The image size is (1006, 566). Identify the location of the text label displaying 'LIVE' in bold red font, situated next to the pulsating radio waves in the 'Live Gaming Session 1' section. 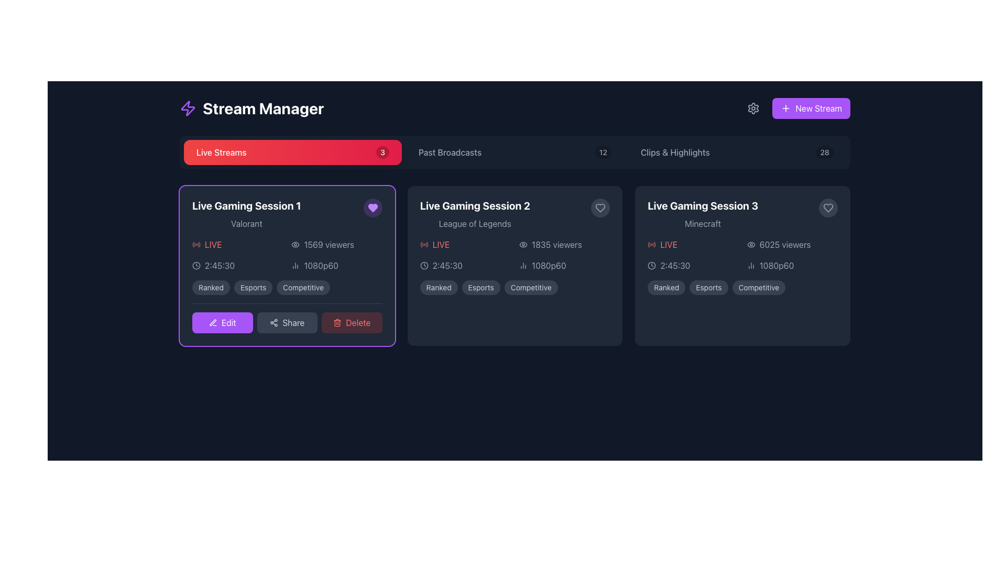
(213, 244).